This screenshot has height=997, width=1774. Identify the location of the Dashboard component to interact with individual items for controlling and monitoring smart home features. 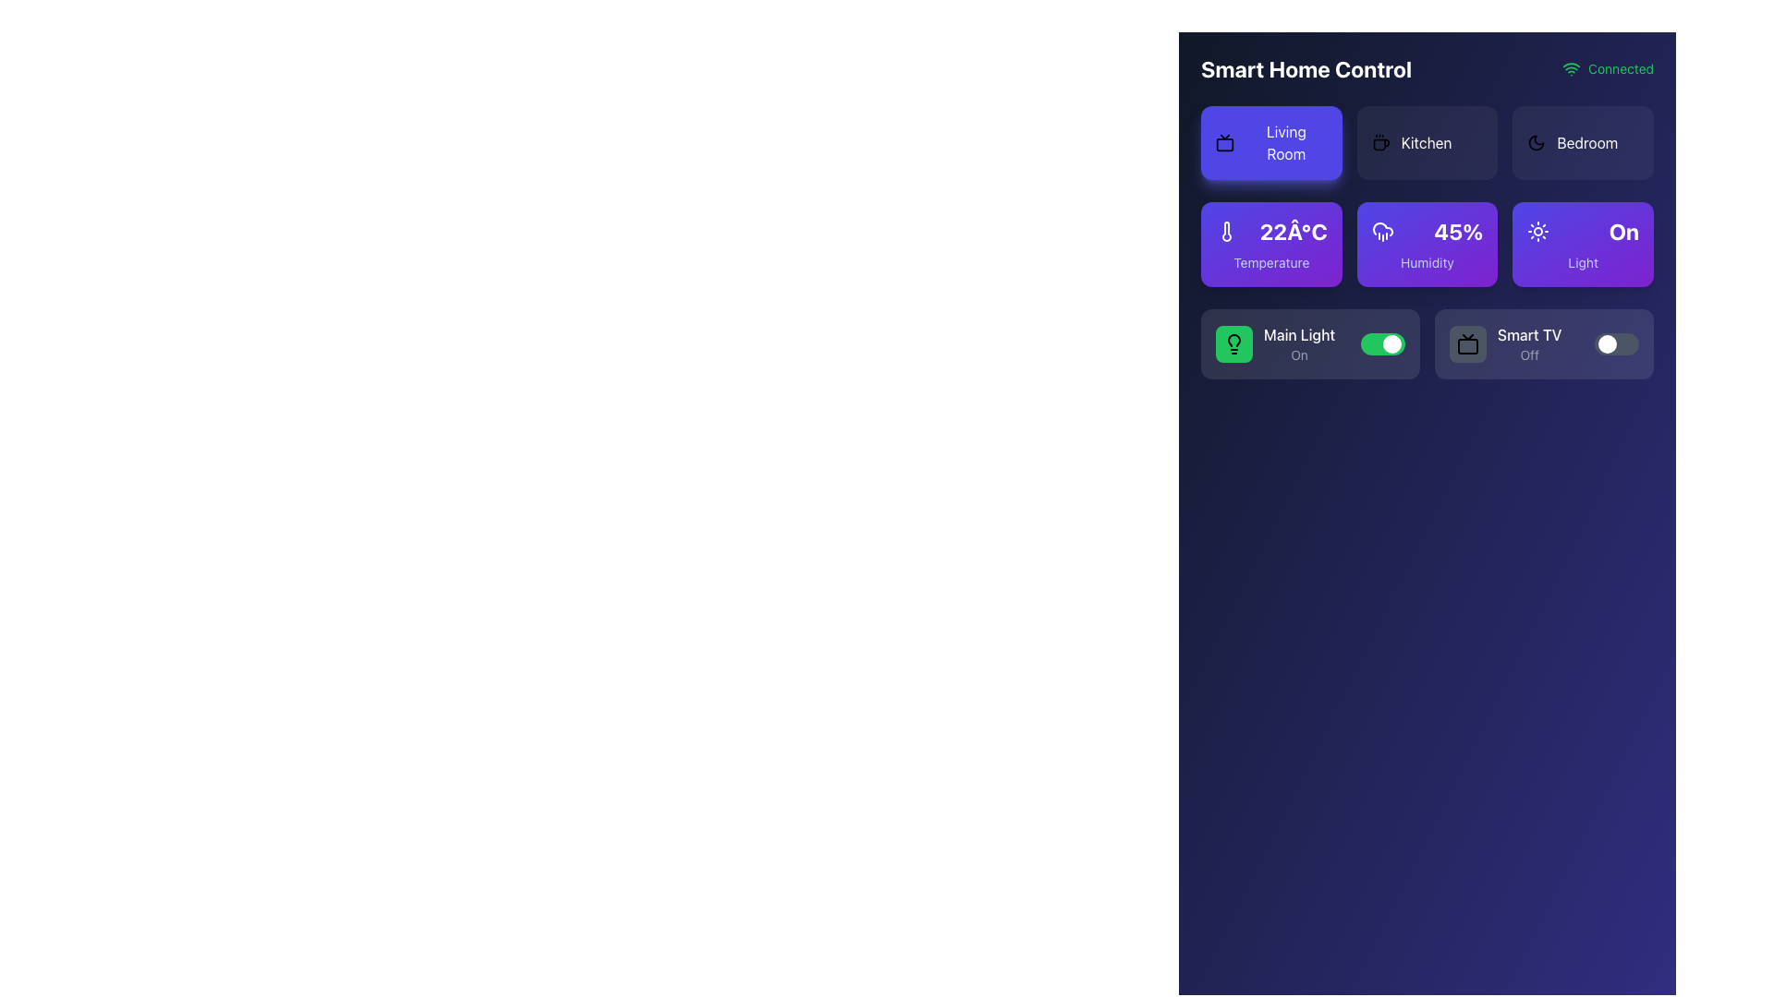
(1427, 216).